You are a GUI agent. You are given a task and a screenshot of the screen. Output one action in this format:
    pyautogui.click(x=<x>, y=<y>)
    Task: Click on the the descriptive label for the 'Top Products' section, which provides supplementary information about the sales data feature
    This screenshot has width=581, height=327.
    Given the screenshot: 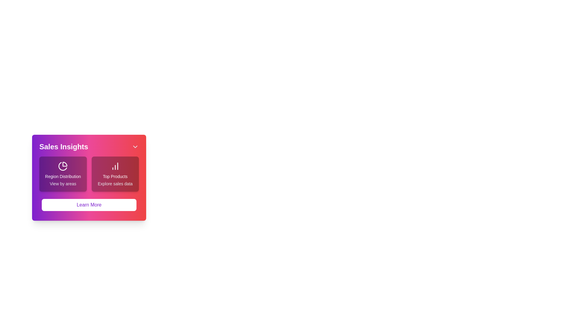 What is the action you would take?
    pyautogui.click(x=115, y=183)
    